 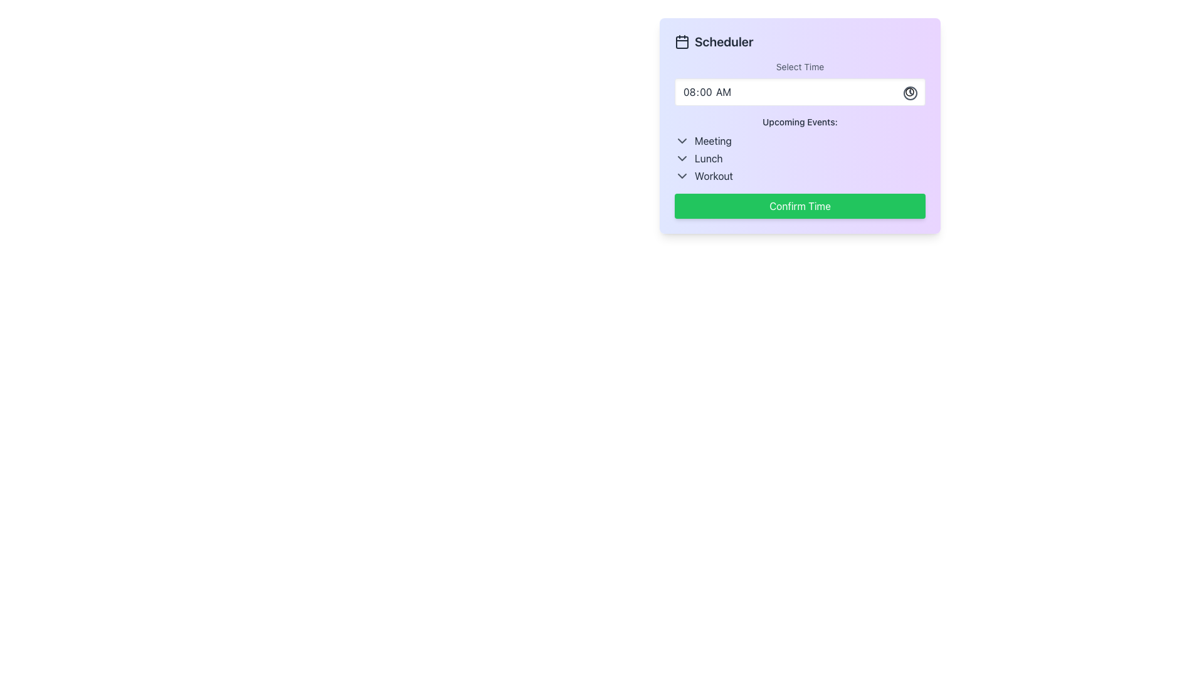 What do you see at coordinates (910, 93) in the screenshot?
I see `the clock icon, which is a circular icon with clock hands, styled with a thin black outline and gray color, located within the right side of the input field labeled '08:00 AM'` at bounding box center [910, 93].